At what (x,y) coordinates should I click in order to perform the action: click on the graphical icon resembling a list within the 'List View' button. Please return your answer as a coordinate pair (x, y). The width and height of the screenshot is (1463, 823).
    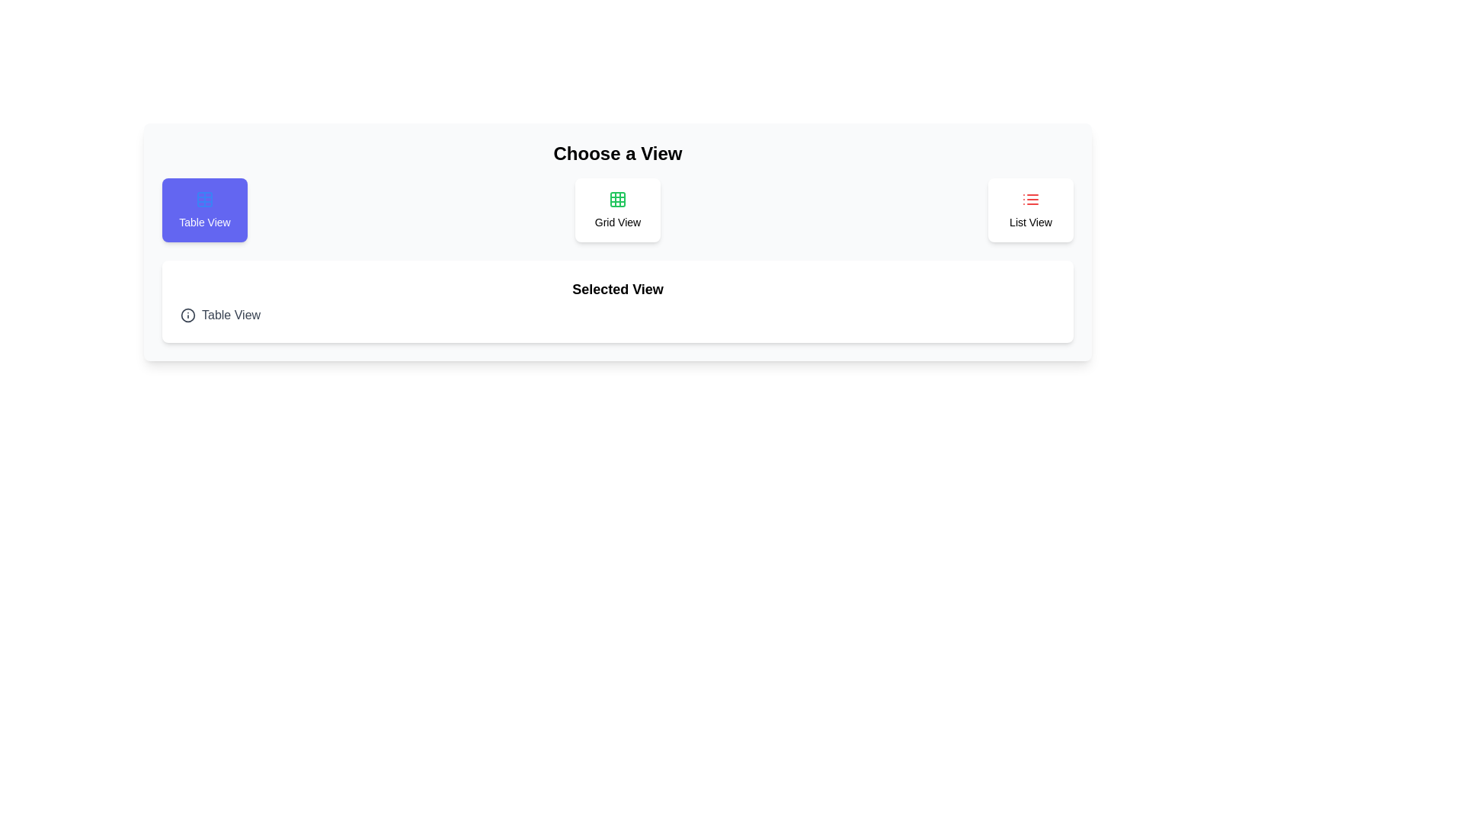
    Looking at the image, I should click on (1031, 199).